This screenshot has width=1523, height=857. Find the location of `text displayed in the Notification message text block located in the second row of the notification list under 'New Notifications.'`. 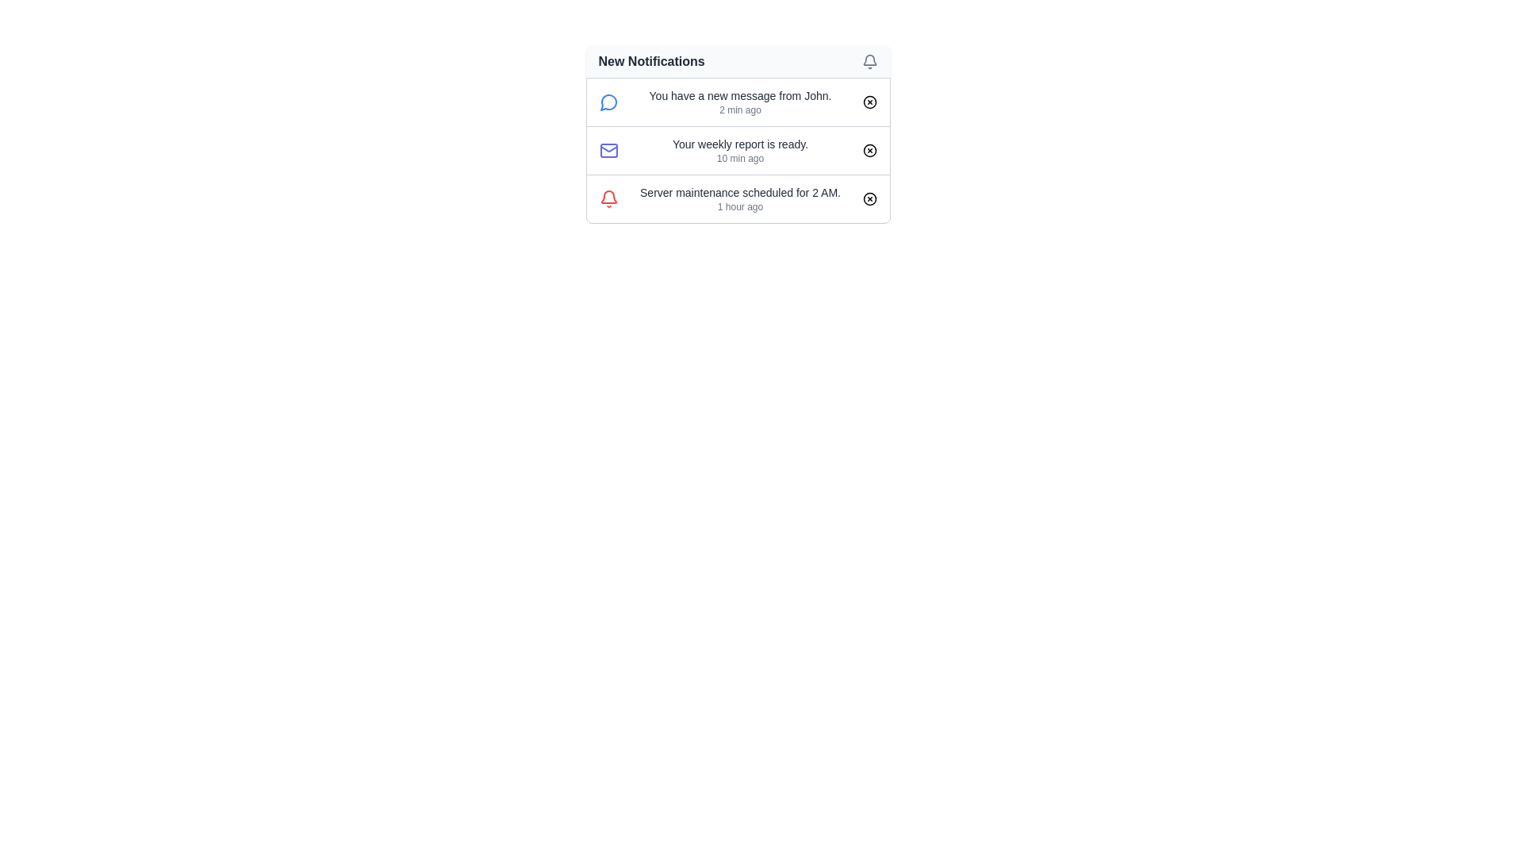

text displayed in the Notification message text block located in the second row of the notification list under 'New Notifications.' is located at coordinates (739, 150).